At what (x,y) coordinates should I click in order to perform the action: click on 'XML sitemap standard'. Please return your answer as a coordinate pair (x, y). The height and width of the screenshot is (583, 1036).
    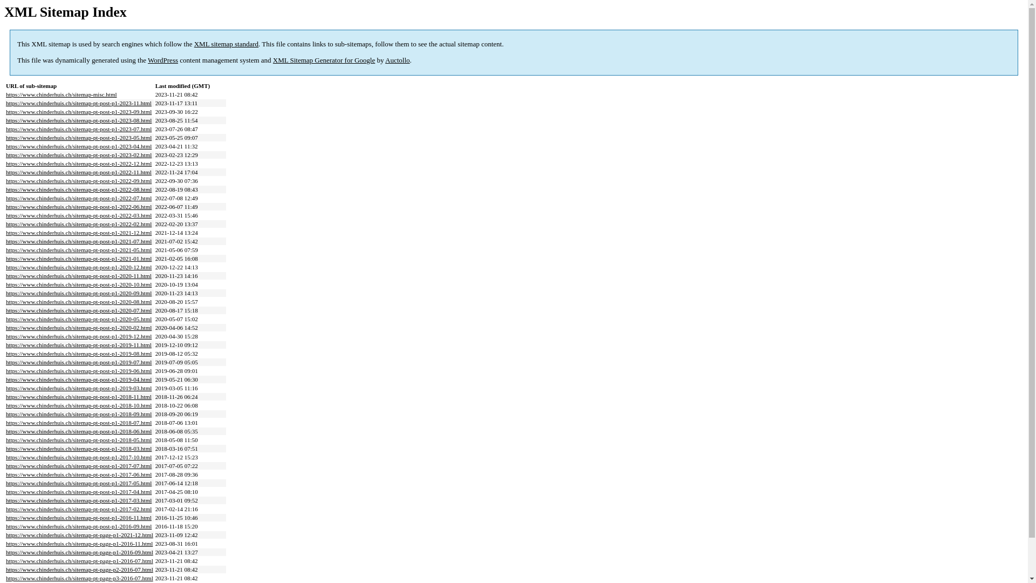
    Looking at the image, I should click on (226, 43).